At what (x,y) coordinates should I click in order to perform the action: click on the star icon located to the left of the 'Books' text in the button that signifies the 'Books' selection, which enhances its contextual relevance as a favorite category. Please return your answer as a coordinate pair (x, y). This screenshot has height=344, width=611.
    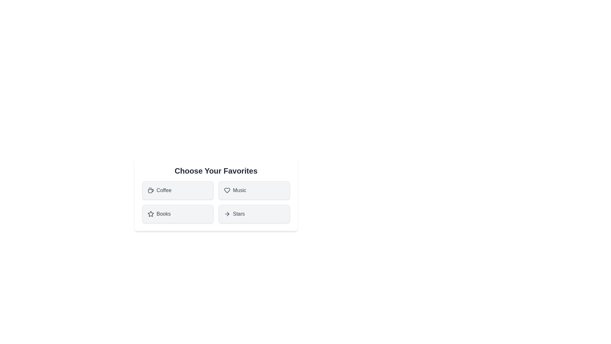
    Looking at the image, I should click on (151, 214).